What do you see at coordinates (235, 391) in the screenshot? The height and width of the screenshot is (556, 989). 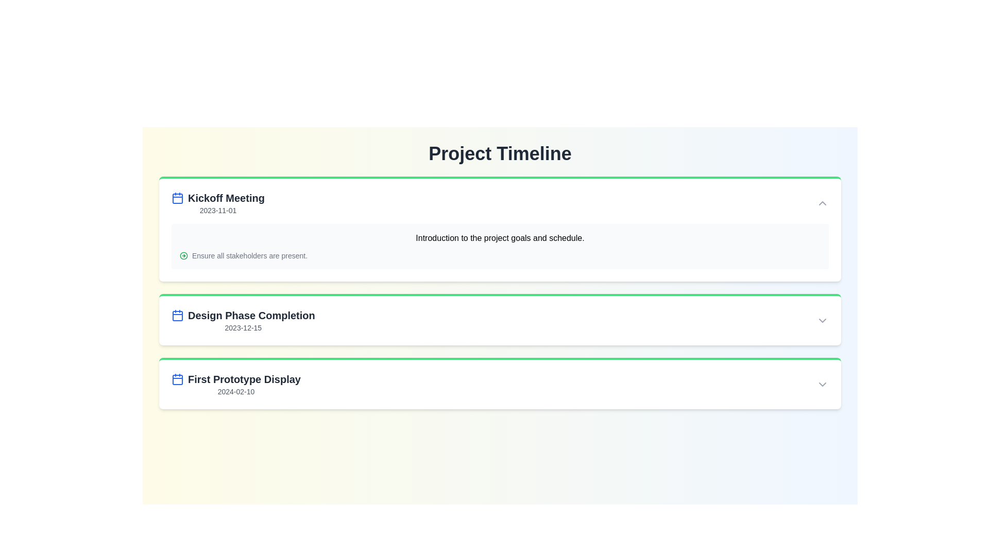 I see `the date Text Label, which is styled in a smaller font size and gray color, located beneath the main title and to the right of a calendar icon in the 'First Prototype Display' section` at bounding box center [235, 391].